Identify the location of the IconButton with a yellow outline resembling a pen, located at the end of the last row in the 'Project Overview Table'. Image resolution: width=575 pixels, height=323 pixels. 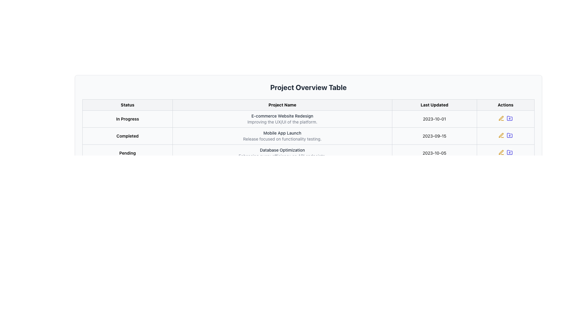
(501, 152).